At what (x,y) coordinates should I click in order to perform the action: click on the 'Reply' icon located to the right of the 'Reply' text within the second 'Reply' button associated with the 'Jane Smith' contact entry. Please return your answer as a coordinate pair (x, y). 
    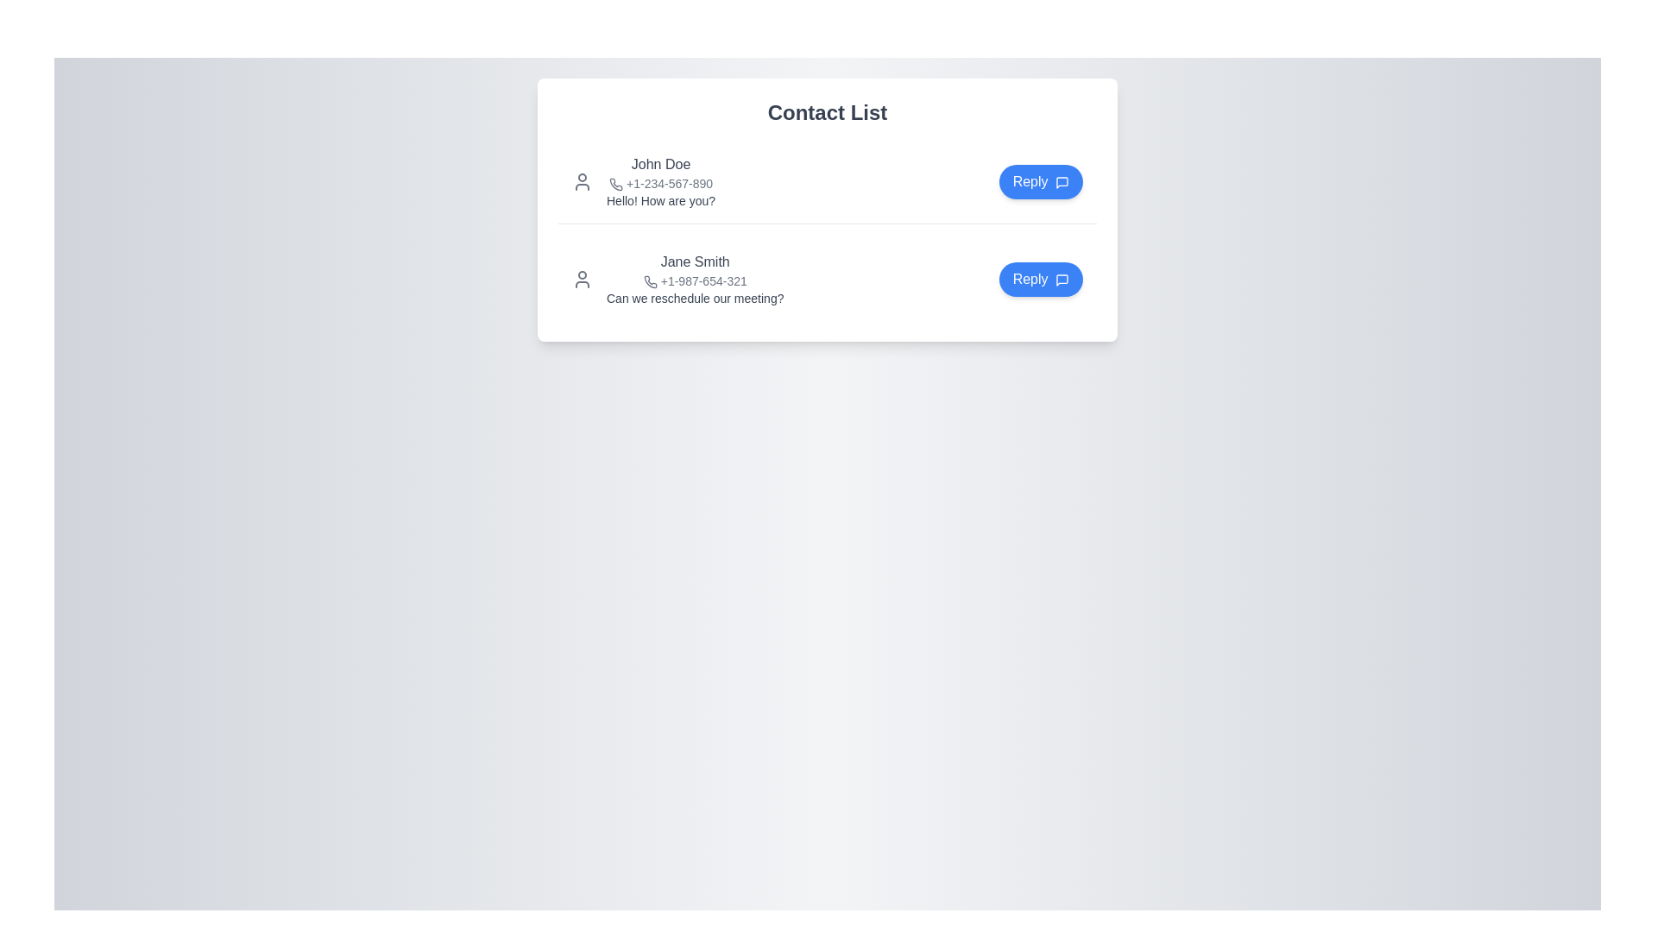
    Looking at the image, I should click on (1061, 279).